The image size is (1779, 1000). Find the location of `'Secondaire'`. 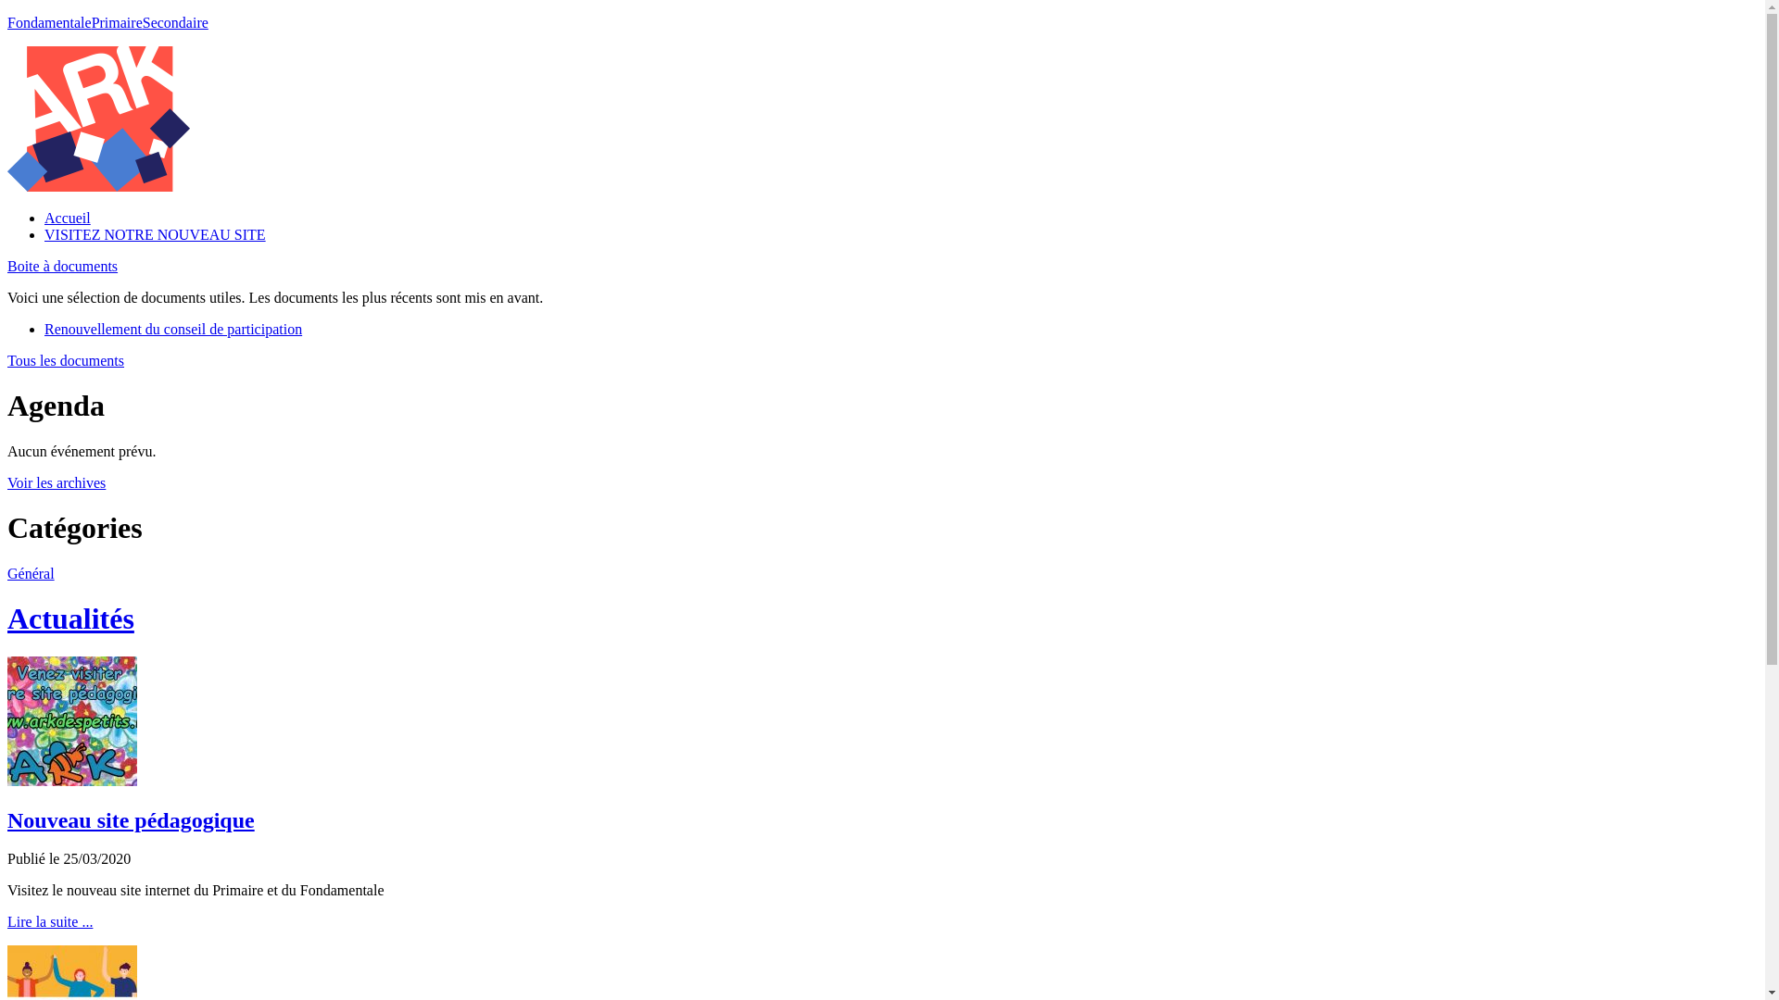

'Secondaire' is located at coordinates (175, 22).